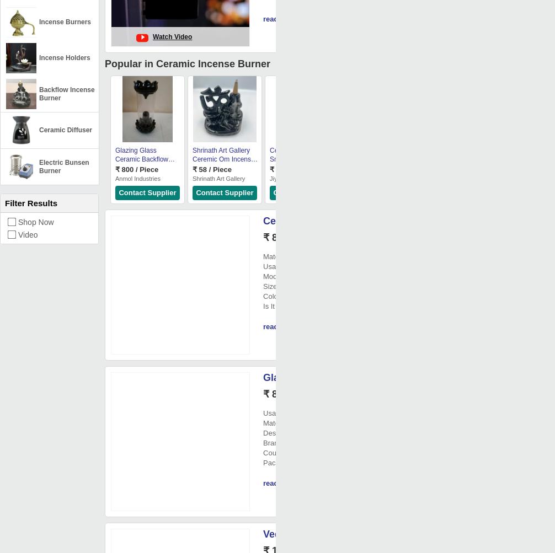  I want to click on 'Shrinath Art Gallery Ceremic Om Incense Burner', so click(223, 159).